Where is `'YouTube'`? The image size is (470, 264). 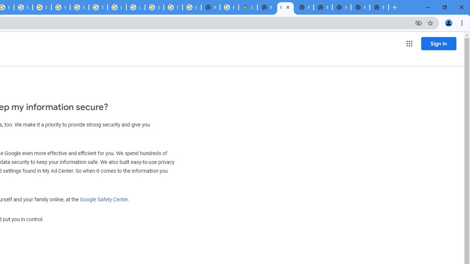 'YouTube' is located at coordinates (61, 7).